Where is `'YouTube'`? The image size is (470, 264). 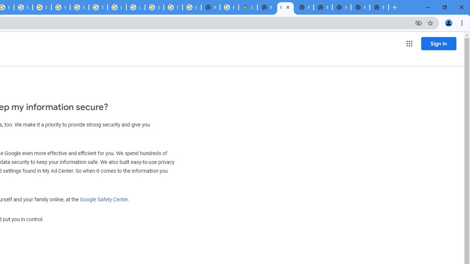 'YouTube' is located at coordinates (61, 7).